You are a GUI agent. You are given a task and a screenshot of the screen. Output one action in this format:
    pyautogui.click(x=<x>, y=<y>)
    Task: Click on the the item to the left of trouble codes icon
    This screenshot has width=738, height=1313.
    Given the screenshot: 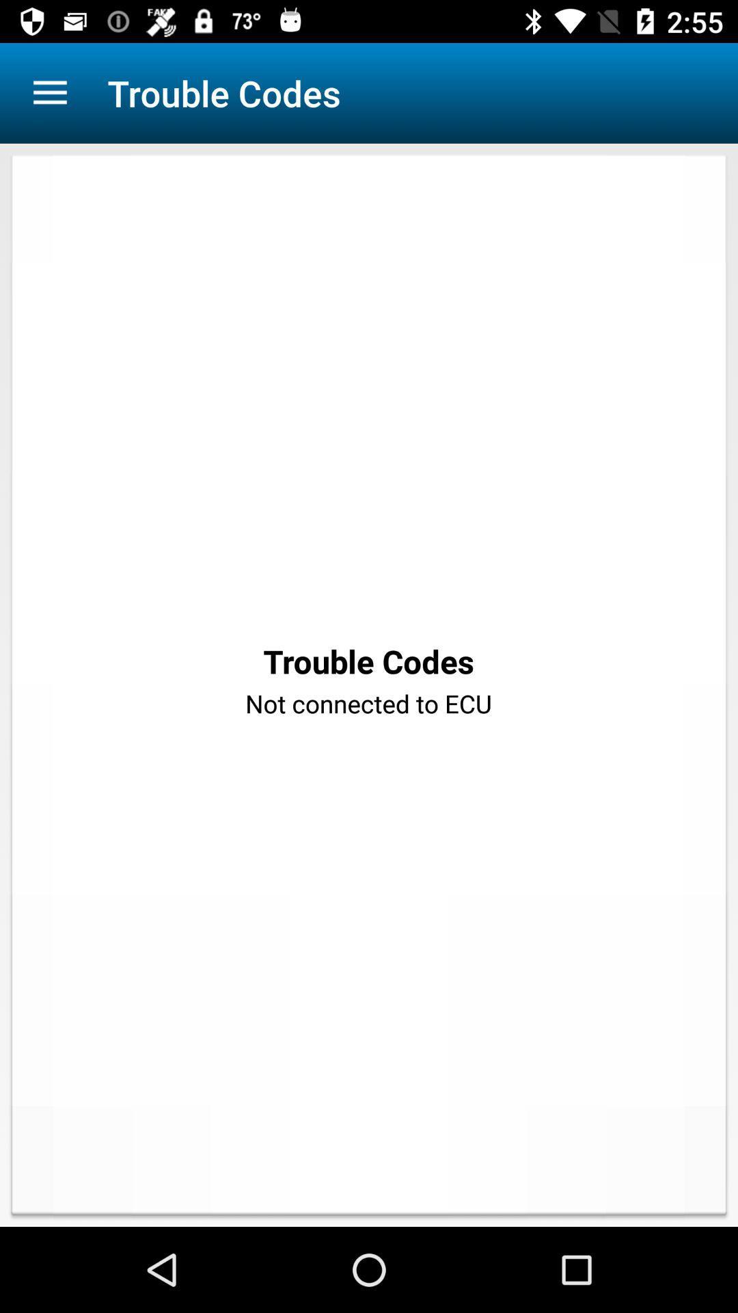 What is the action you would take?
    pyautogui.click(x=49, y=92)
    